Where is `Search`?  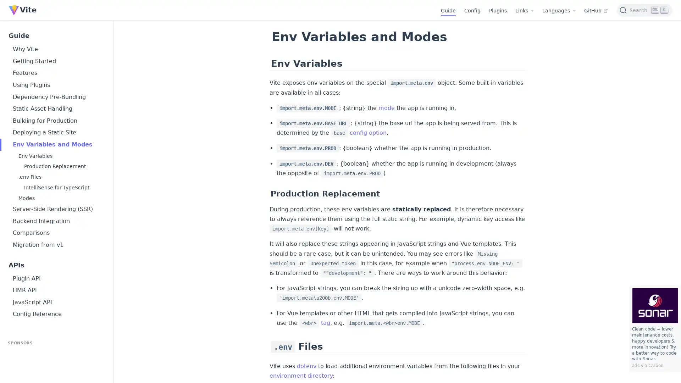
Search is located at coordinates (644, 10).